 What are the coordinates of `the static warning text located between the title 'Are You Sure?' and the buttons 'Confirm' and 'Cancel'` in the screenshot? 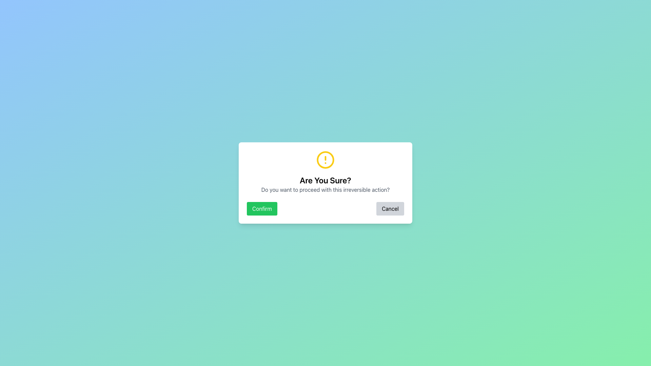 It's located at (325, 189).